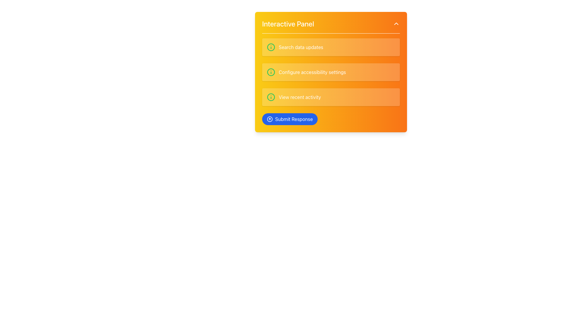  Describe the element at coordinates (312, 72) in the screenshot. I see `the text label displaying 'Configure accessibility settings'` at that location.